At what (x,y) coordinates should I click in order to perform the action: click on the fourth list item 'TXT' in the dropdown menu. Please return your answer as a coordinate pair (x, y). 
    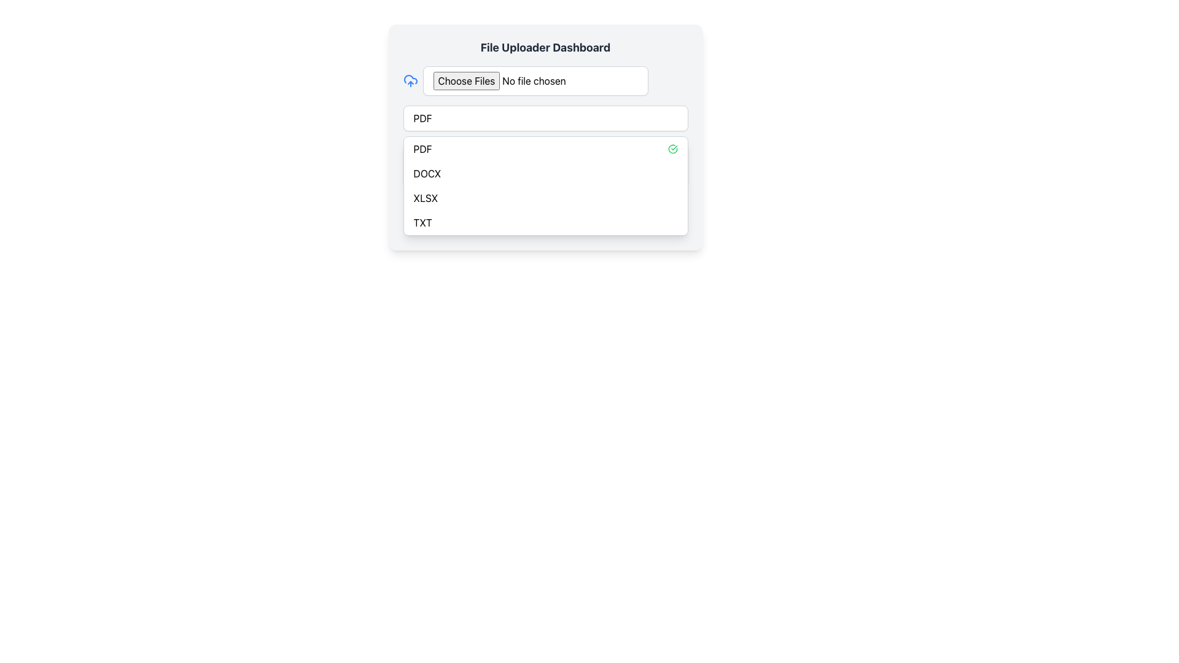
    Looking at the image, I should click on (545, 222).